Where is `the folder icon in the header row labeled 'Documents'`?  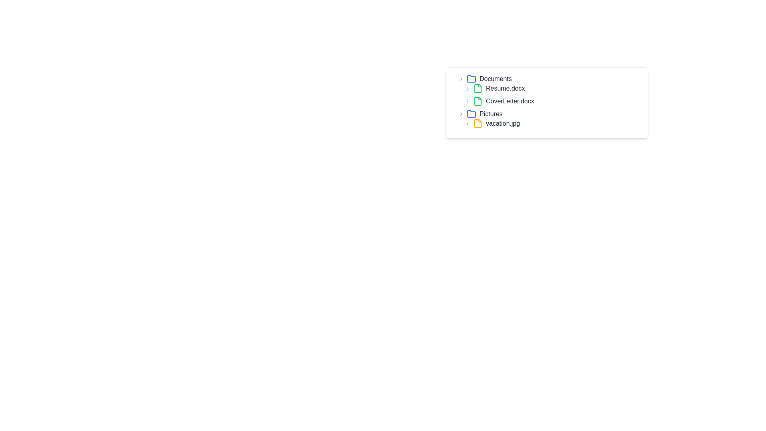
the folder icon in the header row labeled 'Documents' is located at coordinates (461, 79).